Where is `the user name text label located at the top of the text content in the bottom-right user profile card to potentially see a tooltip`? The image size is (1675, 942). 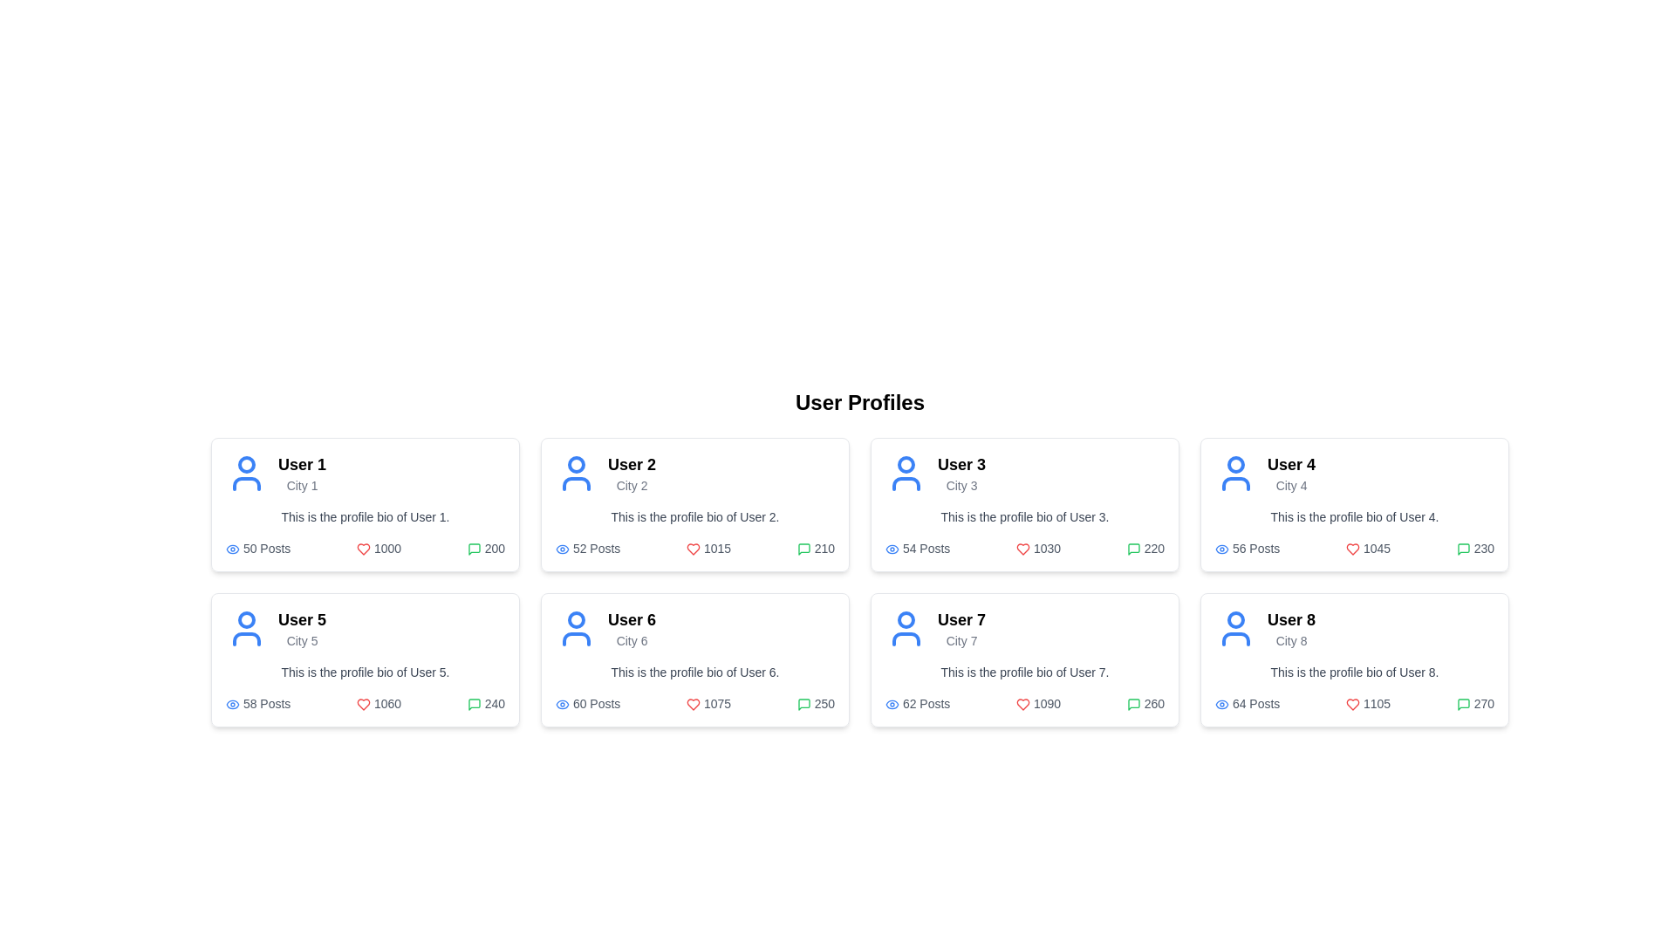 the user name text label located at the top of the text content in the bottom-right user profile card to potentially see a tooltip is located at coordinates (1291, 618).